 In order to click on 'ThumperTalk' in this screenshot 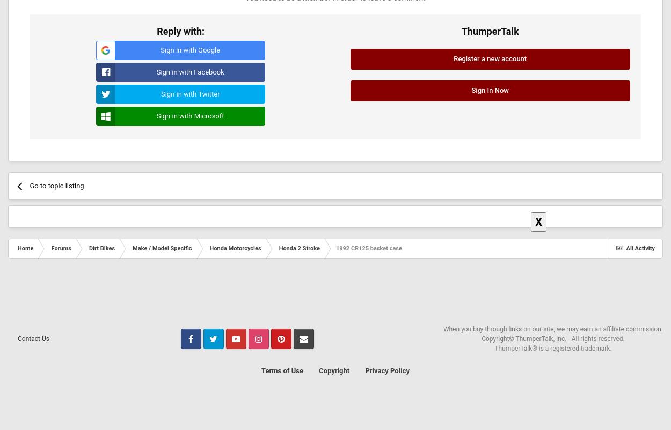, I will do `click(490, 31)`.